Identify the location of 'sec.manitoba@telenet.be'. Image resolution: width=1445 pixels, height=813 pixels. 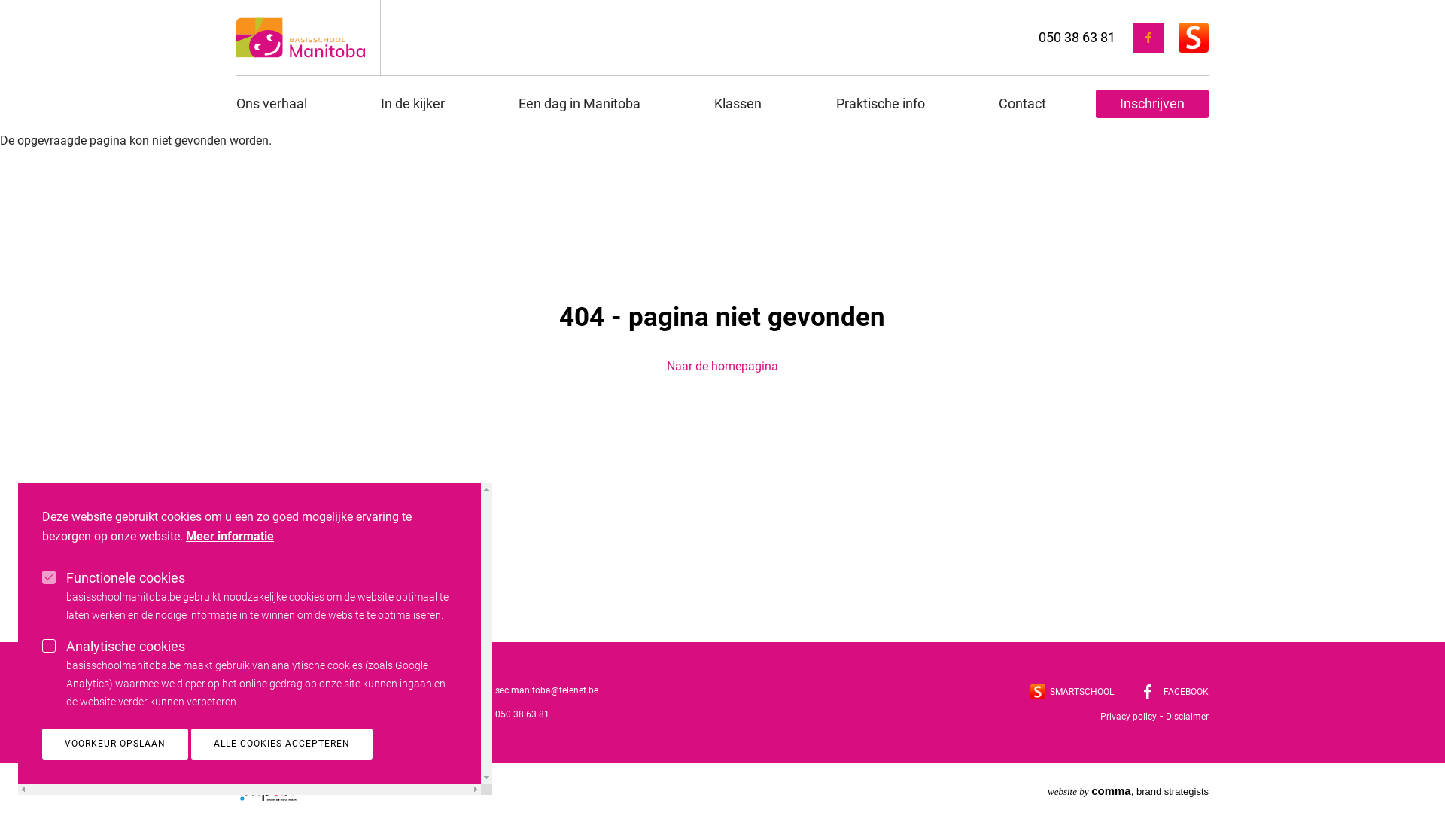
(494, 690).